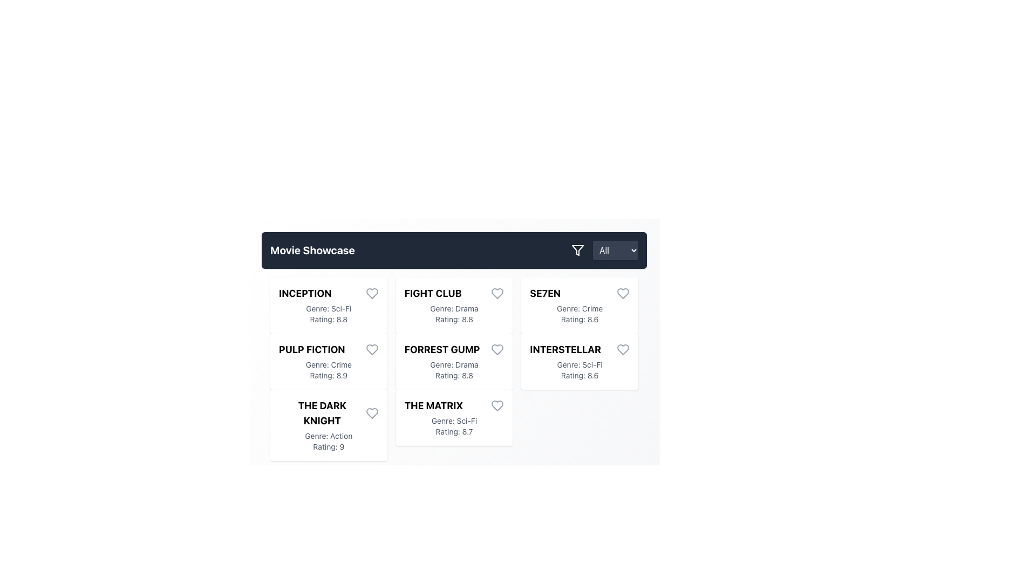  Describe the element at coordinates (497, 406) in the screenshot. I see `the like icon for the movie 'The Matrix'` at that location.